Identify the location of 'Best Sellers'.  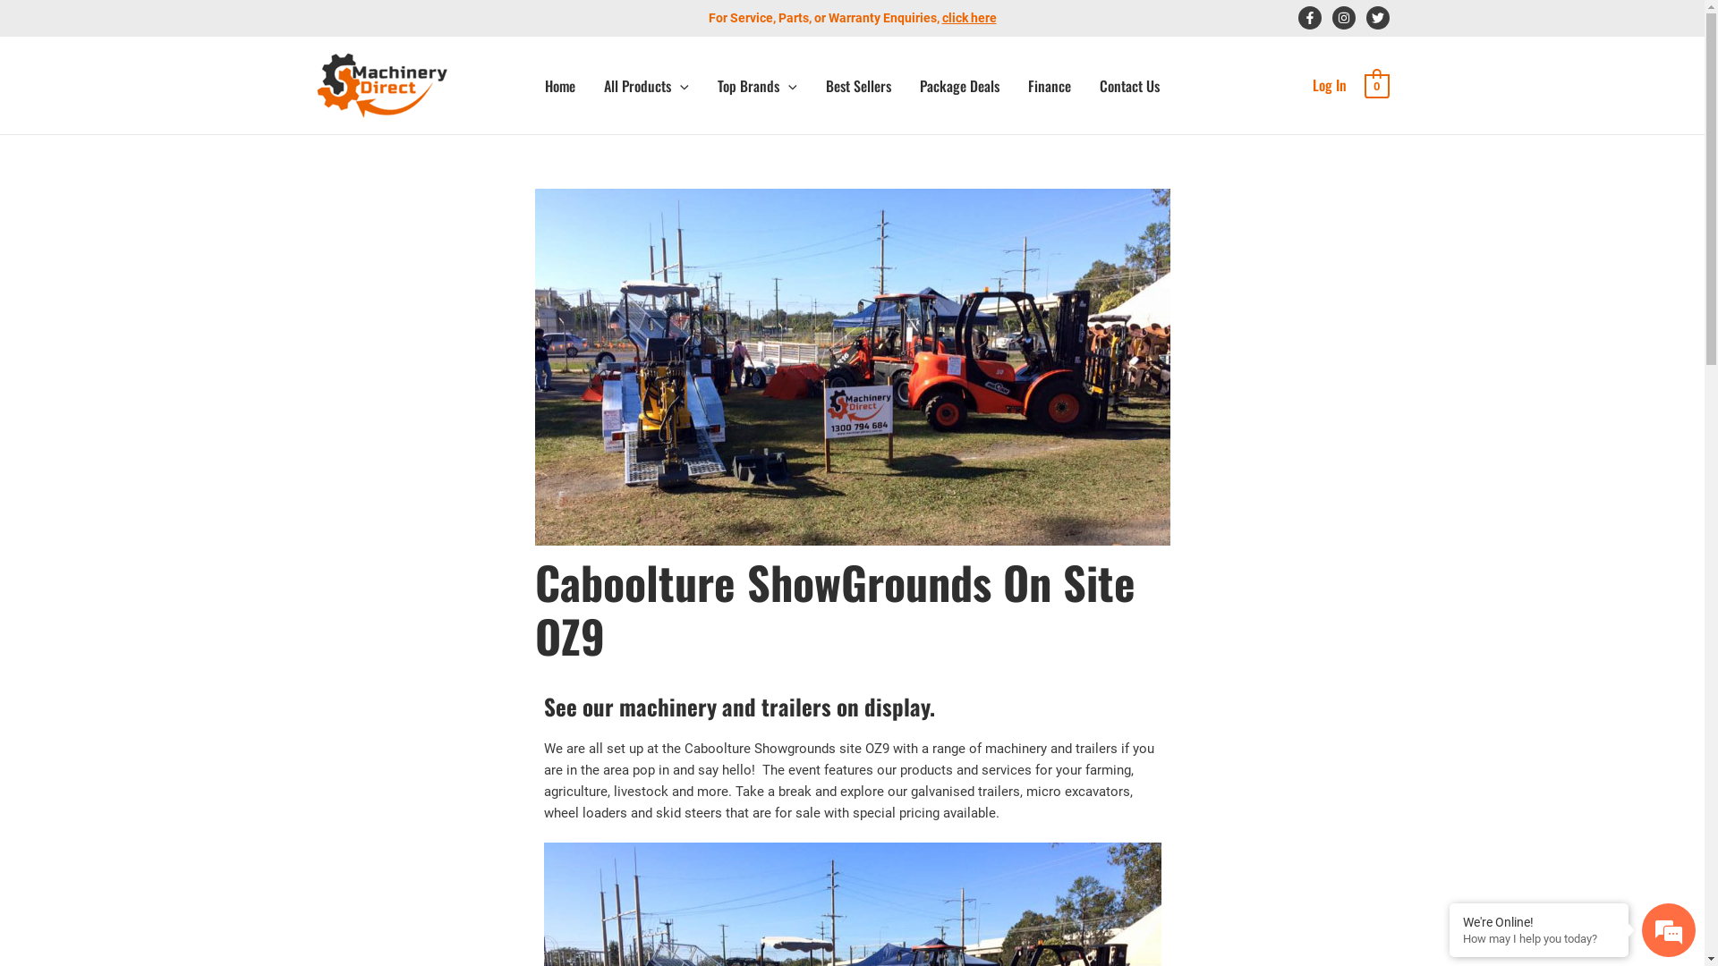
(857, 86).